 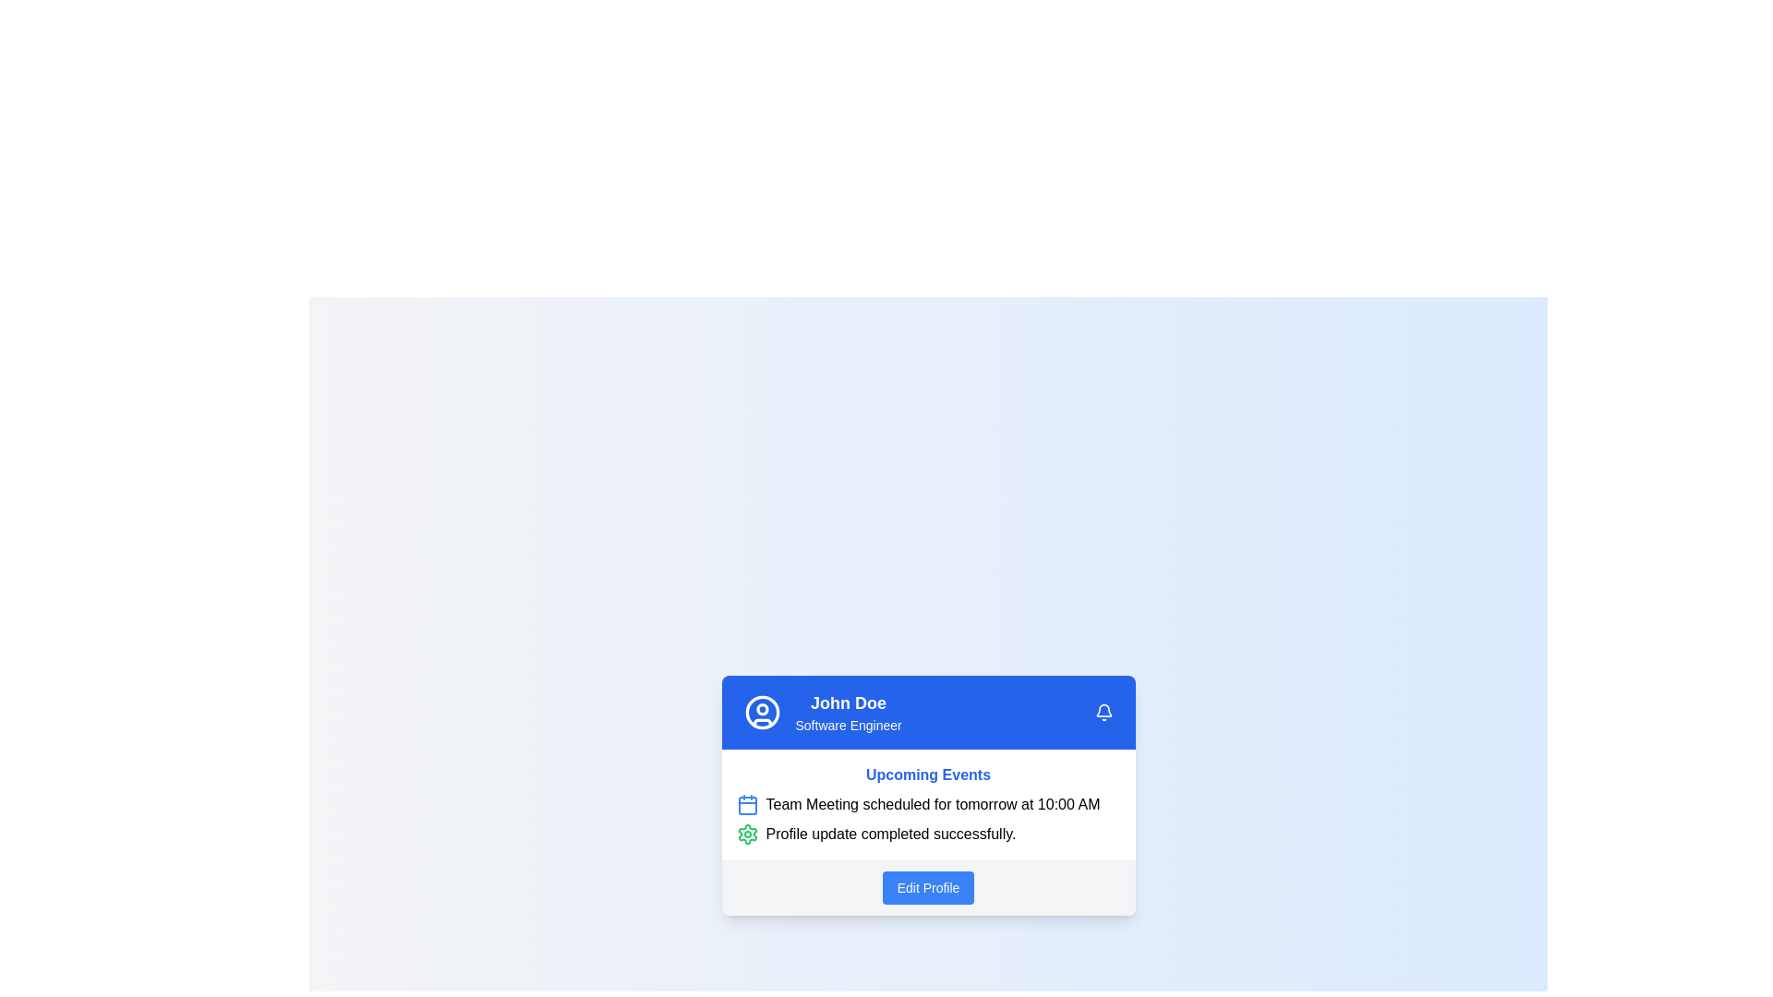 What do you see at coordinates (1104, 711) in the screenshot?
I see `the notification bell icon located at the upper-right corner of the blue header, which displays 'John Doe, Software Engineer'` at bounding box center [1104, 711].